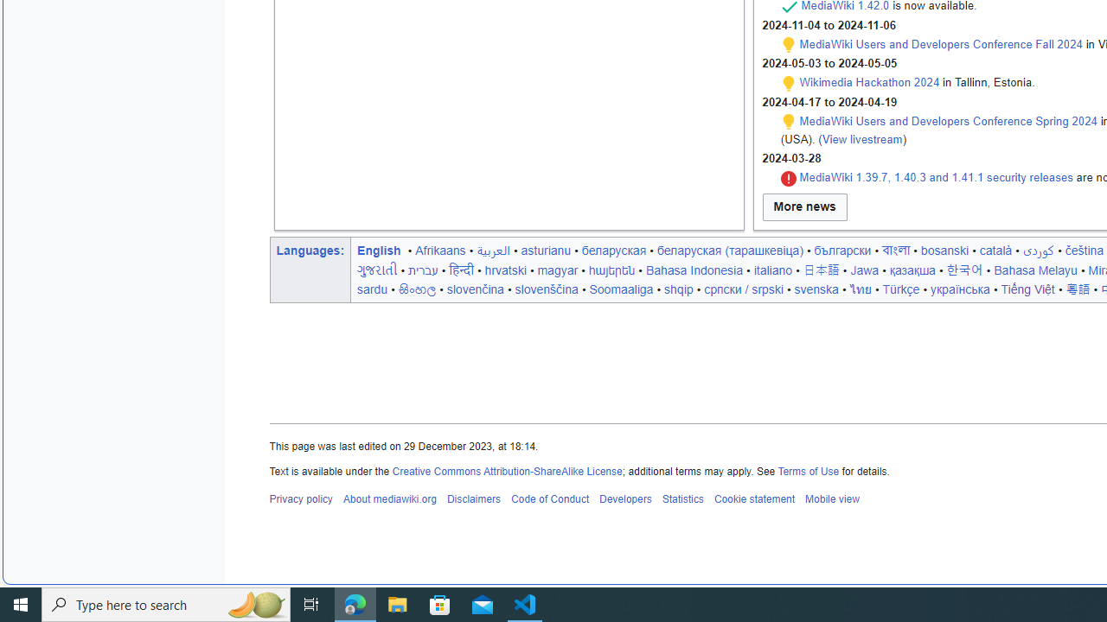  Describe the element at coordinates (440, 250) in the screenshot. I see `'Afrikaans'` at that location.